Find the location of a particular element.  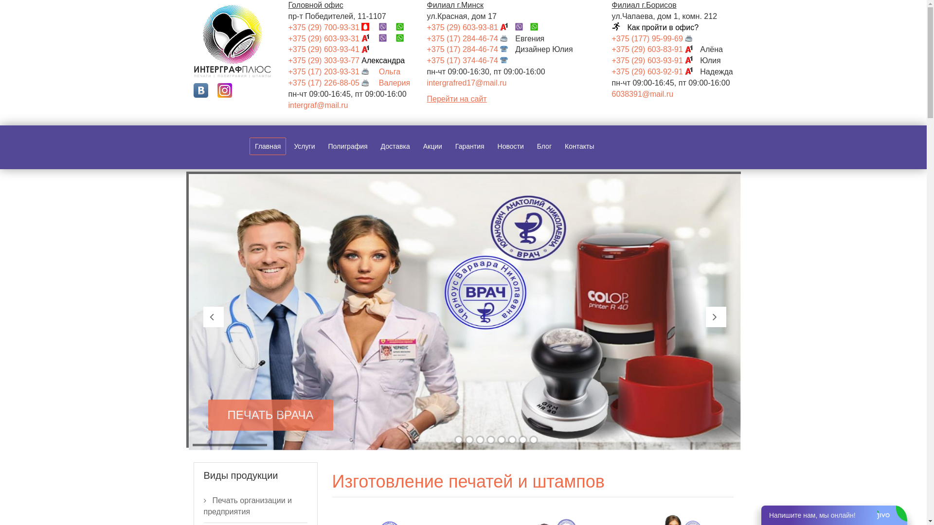

'+375 (17) 374-46-74 ' is located at coordinates (471, 60).